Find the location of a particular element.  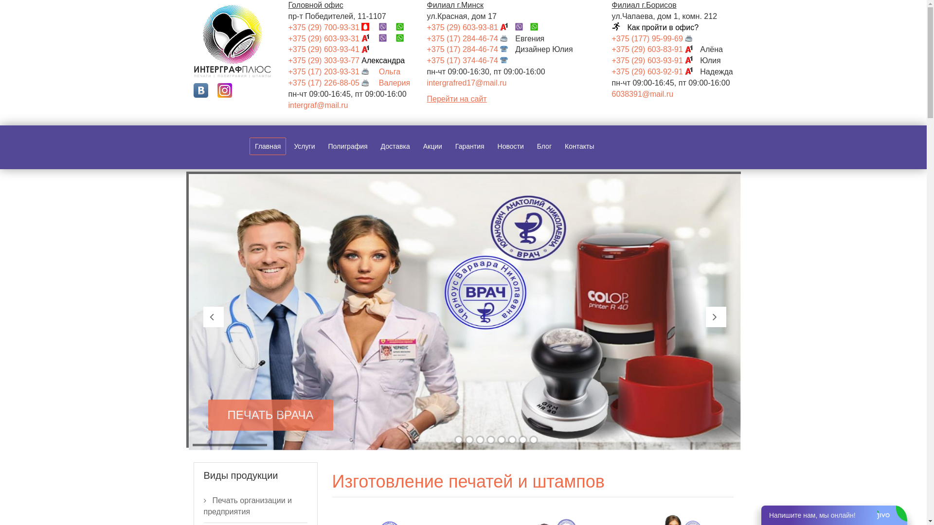

'+375 (17) 374-46-74 ' is located at coordinates (471, 60).